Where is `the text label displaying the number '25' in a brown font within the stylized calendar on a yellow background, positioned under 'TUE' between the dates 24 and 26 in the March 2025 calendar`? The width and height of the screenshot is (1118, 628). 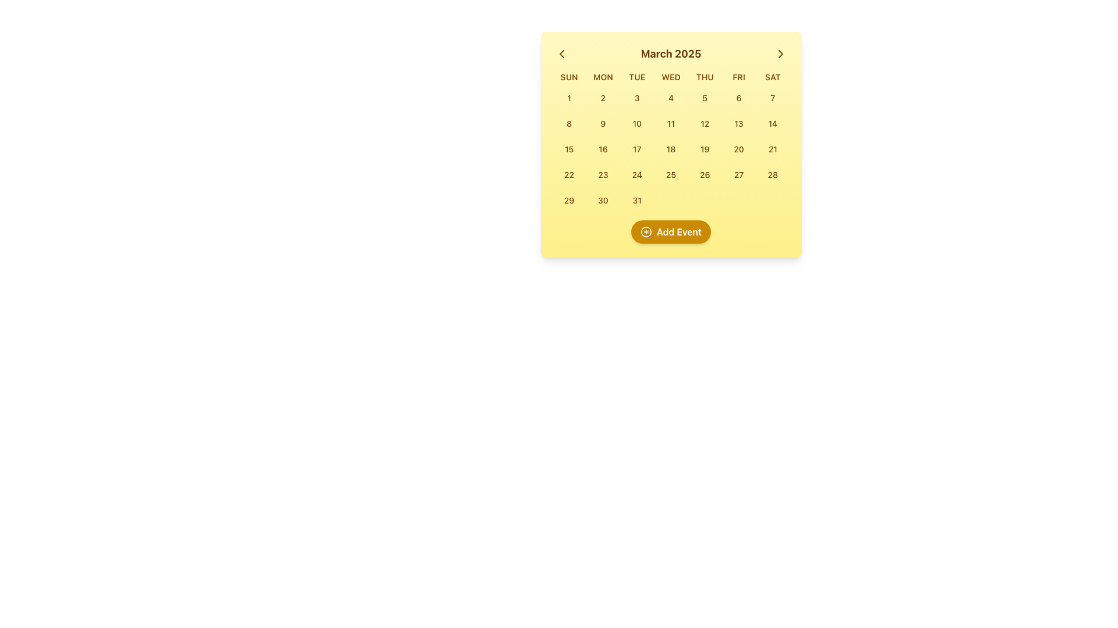 the text label displaying the number '25' in a brown font within the stylized calendar on a yellow background, positioned under 'TUE' between the dates 24 and 26 in the March 2025 calendar is located at coordinates (671, 174).